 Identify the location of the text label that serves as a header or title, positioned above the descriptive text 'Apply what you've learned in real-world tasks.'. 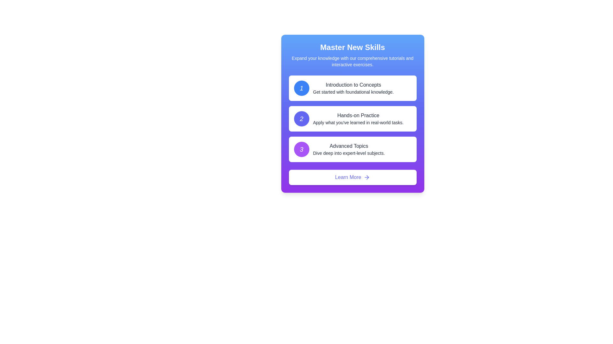
(358, 115).